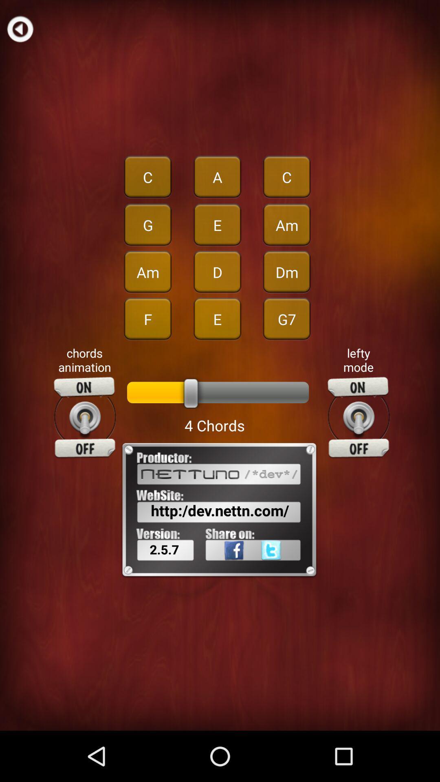 The width and height of the screenshot is (440, 782). Describe the element at coordinates (85, 417) in the screenshot. I see `chords animation` at that location.